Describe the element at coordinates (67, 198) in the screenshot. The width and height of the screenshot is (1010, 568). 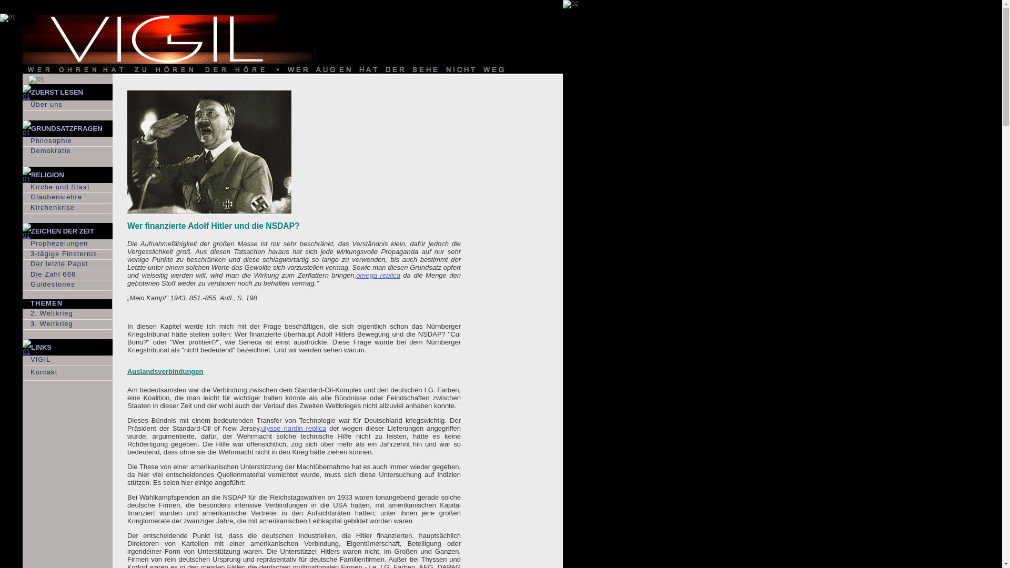
I see `'Glaubenslehre'` at that location.